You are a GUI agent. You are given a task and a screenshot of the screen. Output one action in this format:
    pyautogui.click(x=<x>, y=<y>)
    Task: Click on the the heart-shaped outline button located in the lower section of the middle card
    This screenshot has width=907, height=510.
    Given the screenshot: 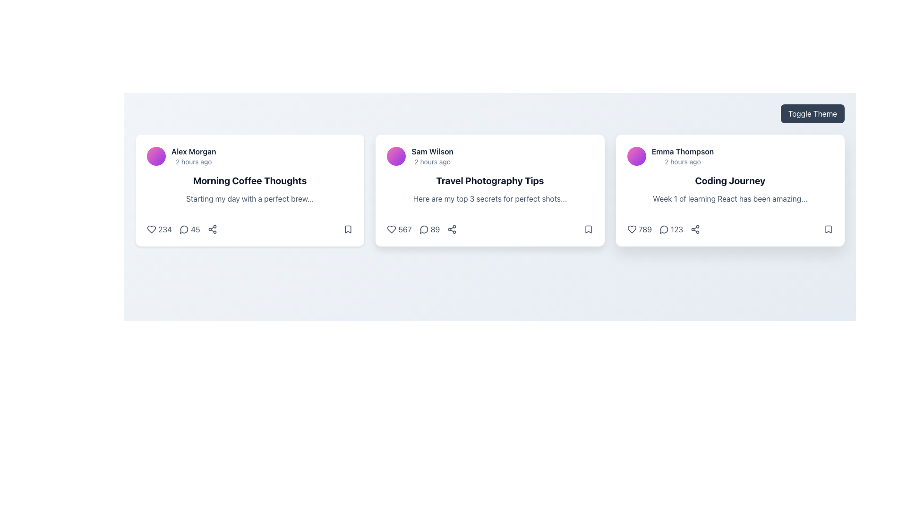 What is the action you would take?
    pyautogui.click(x=392, y=229)
    